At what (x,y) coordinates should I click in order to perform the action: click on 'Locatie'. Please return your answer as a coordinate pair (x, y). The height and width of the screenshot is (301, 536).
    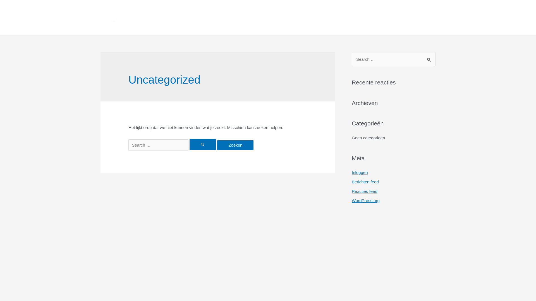
    Looking at the image, I should click on (364, 17).